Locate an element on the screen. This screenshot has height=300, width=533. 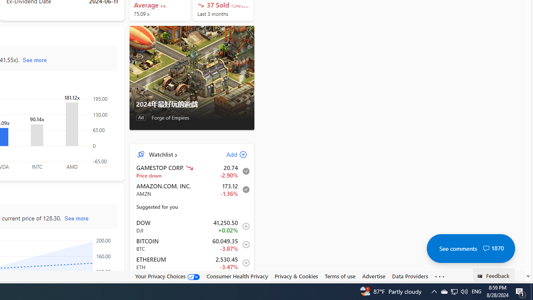
'Privacy & Cookies' is located at coordinates (296, 276).